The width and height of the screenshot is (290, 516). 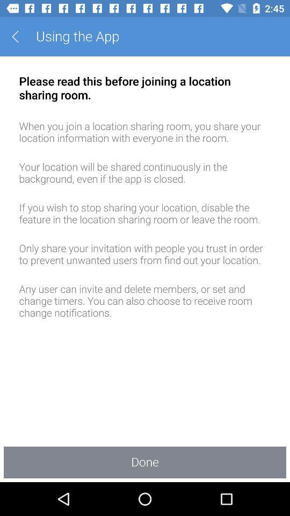 I want to click on the item below the any user can app, so click(x=145, y=462).